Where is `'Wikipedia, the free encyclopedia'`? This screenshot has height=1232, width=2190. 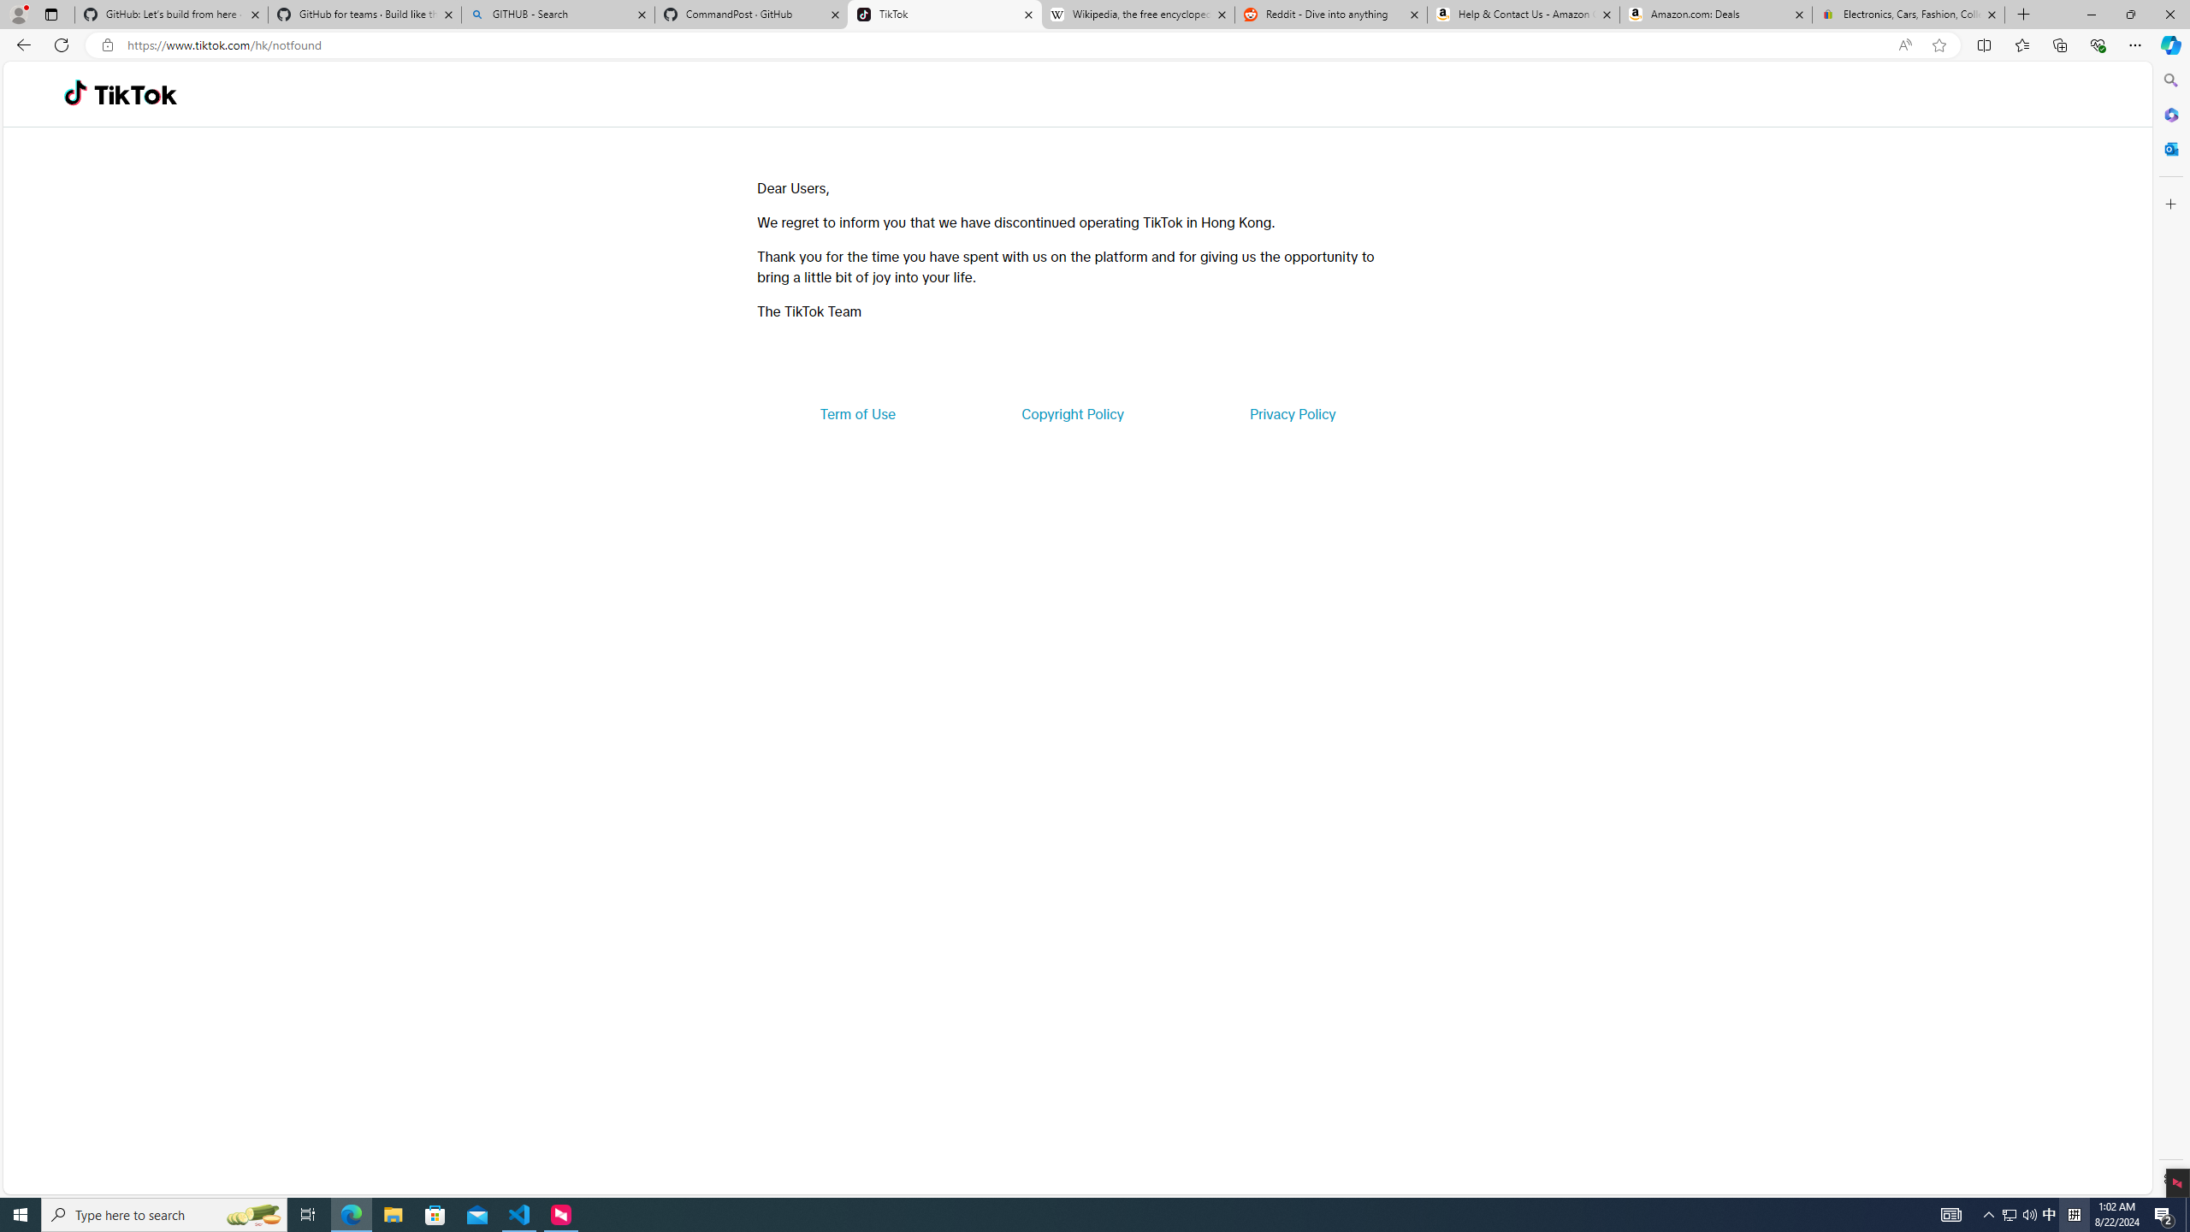
'Wikipedia, the free encyclopedia' is located at coordinates (1136, 14).